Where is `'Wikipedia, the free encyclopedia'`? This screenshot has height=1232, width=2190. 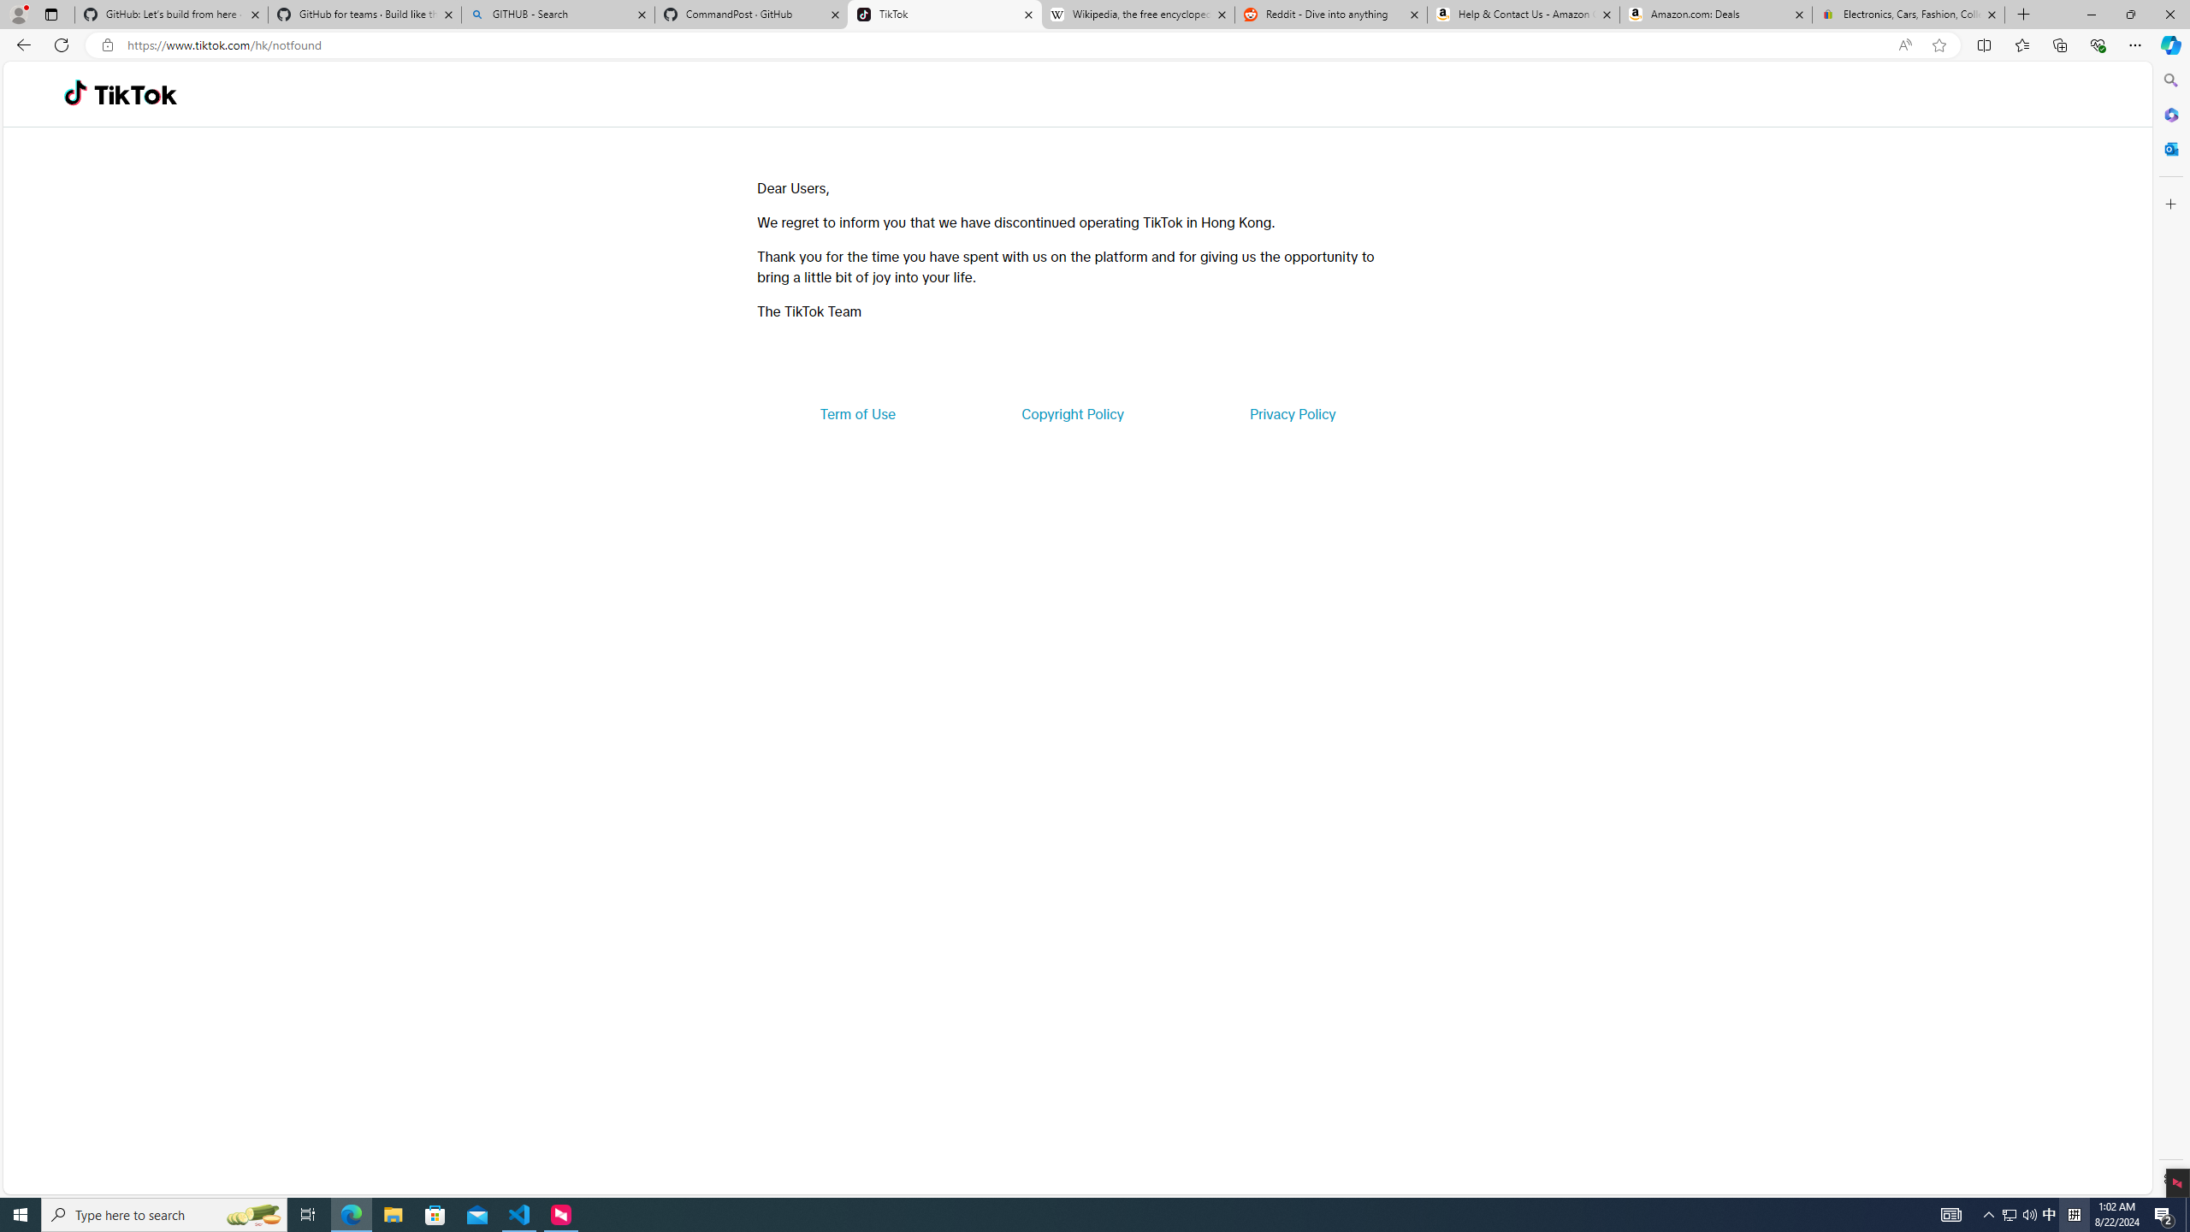
'Wikipedia, the free encyclopedia' is located at coordinates (1136, 14).